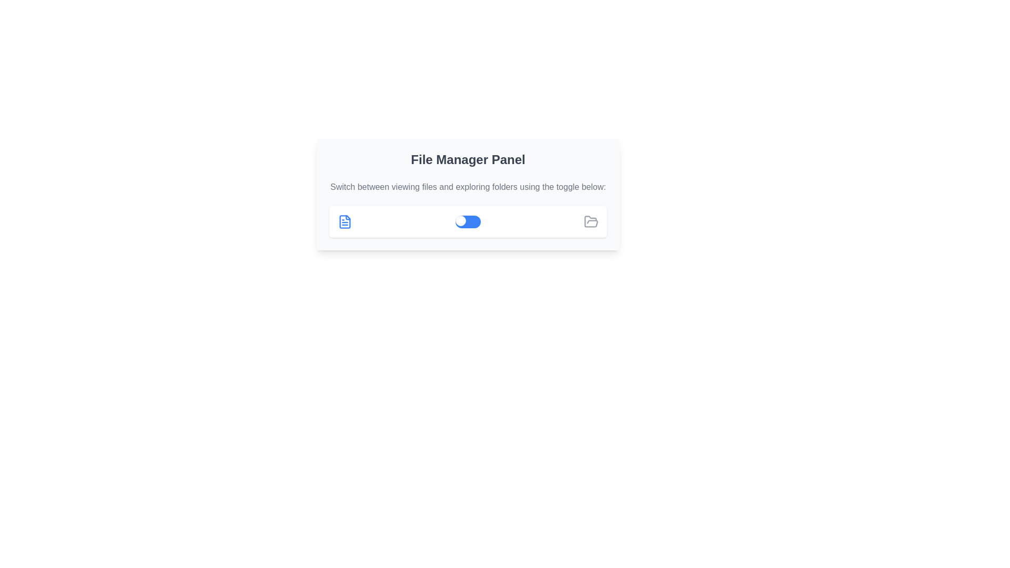 The image size is (1010, 568). Describe the element at coordinates (591, 221) in the screenshot. I see `the folder icon located in the center-left portion of the file management panel, which is designed to represent an open folder for file browsing` at that location.